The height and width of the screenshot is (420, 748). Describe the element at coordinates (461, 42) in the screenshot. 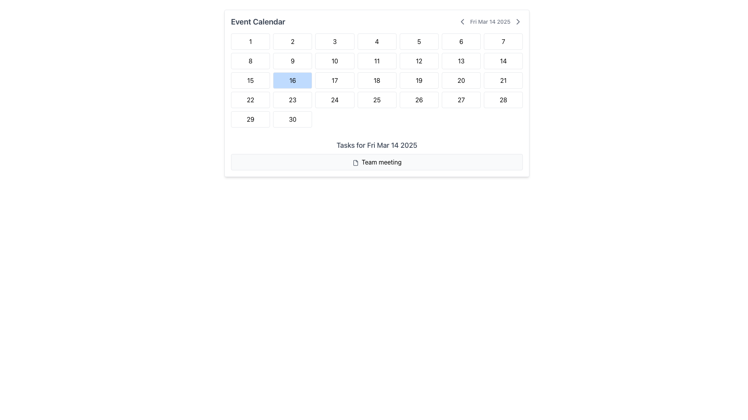

I see `to select the calendar date cell labeled '6', which is located in the first row and sixth column of the calendar grid` at that location.